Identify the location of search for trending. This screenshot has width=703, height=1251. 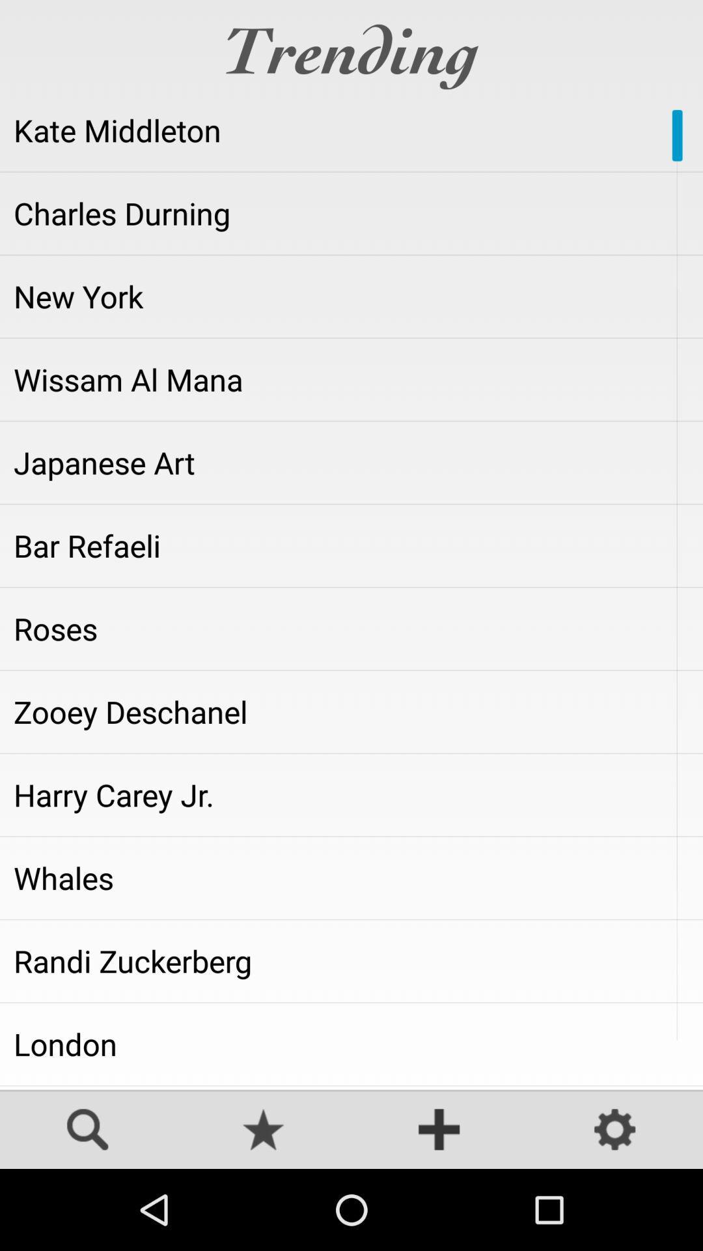
(88, 1130).